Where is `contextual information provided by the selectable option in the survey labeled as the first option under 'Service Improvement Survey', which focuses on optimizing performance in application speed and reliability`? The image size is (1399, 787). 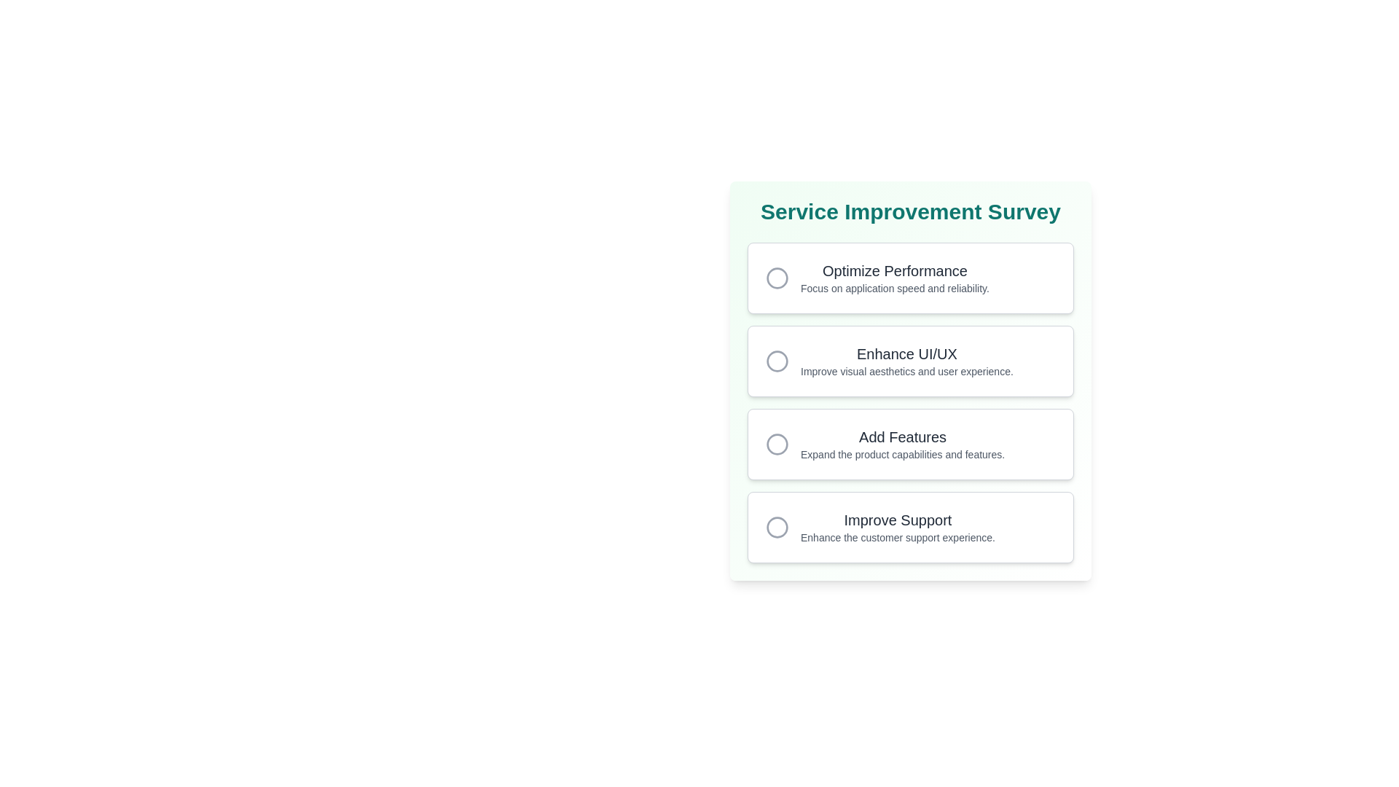 contextual information provided by the selectable option in the survey labeled as the first option under 'Service Improvement Survey', which focuses on optimizing performance in application speed and reliability is located at coordinates (894, 278).